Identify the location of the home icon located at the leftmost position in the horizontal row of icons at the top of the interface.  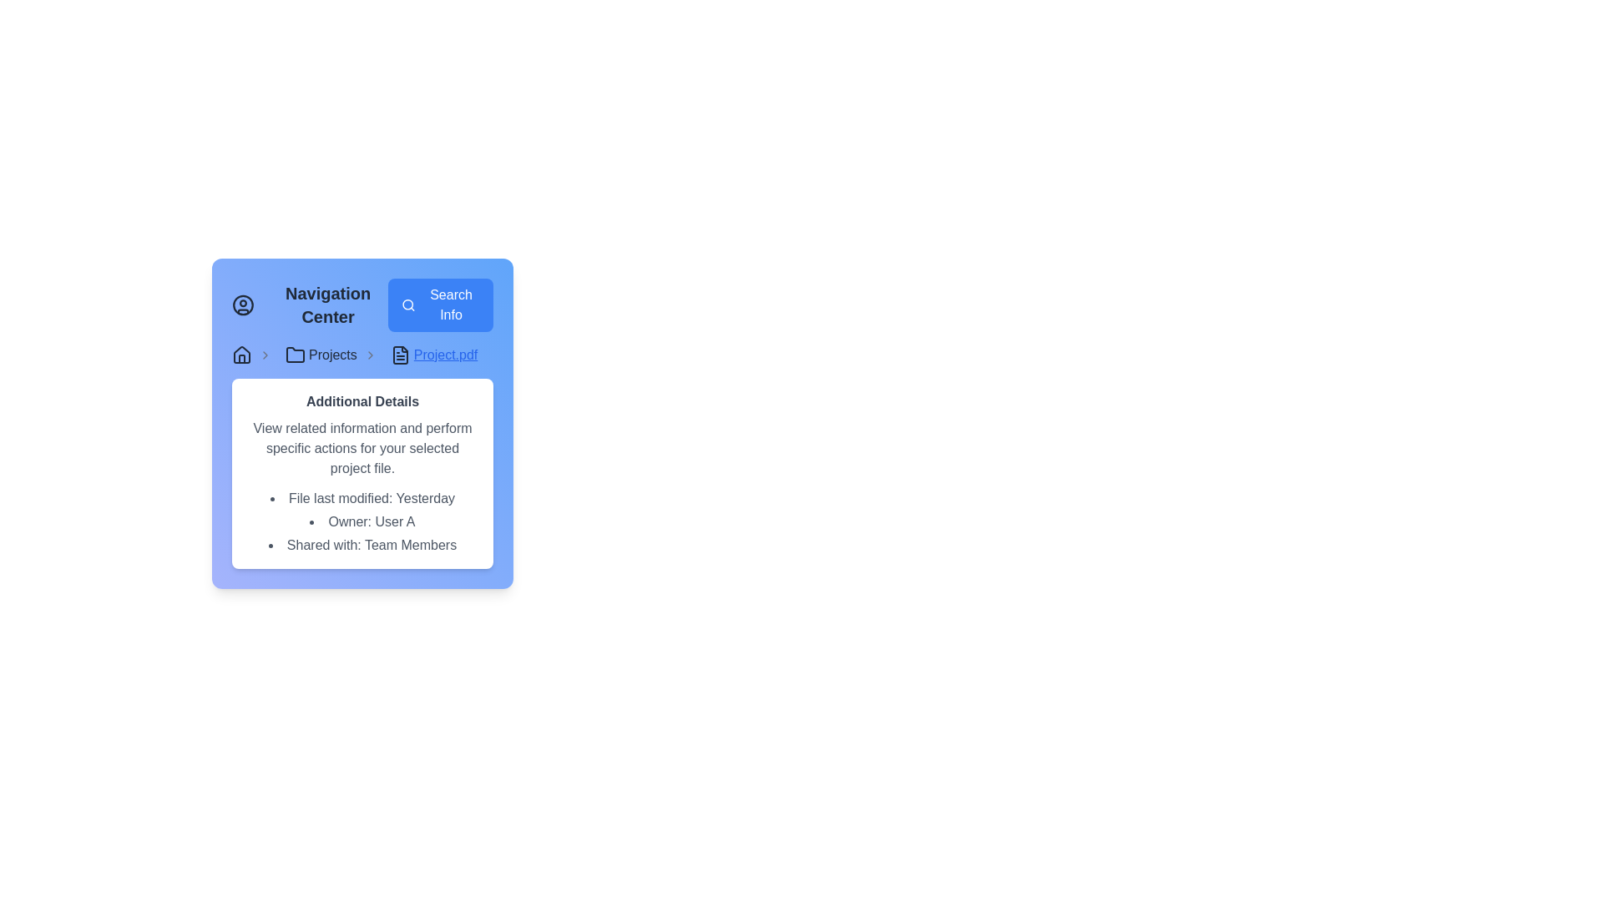
(240, 353).